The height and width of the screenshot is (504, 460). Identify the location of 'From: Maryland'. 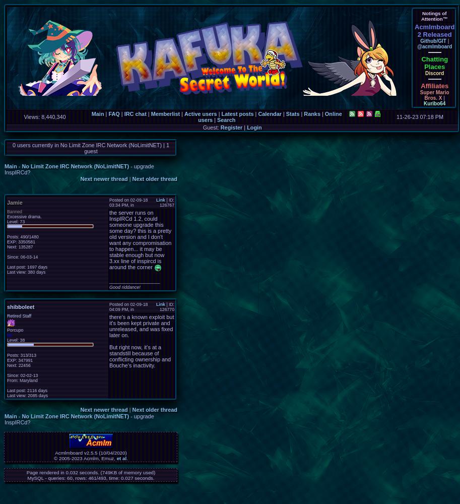
(22, 381).